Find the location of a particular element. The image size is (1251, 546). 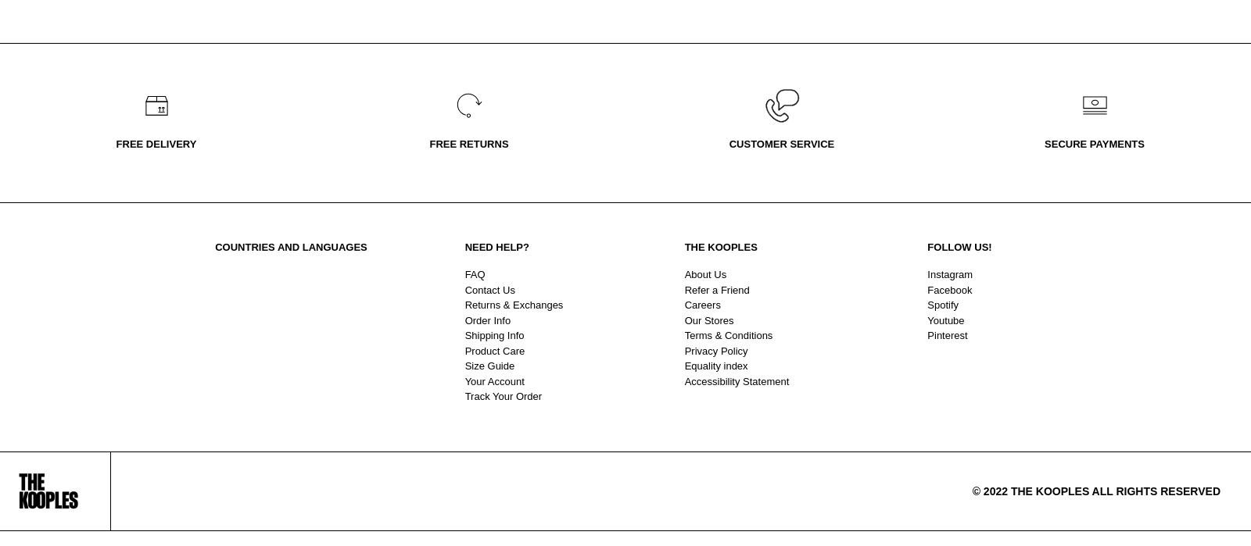

'FREE DELIVERY' is located at coordinates (155, 144).